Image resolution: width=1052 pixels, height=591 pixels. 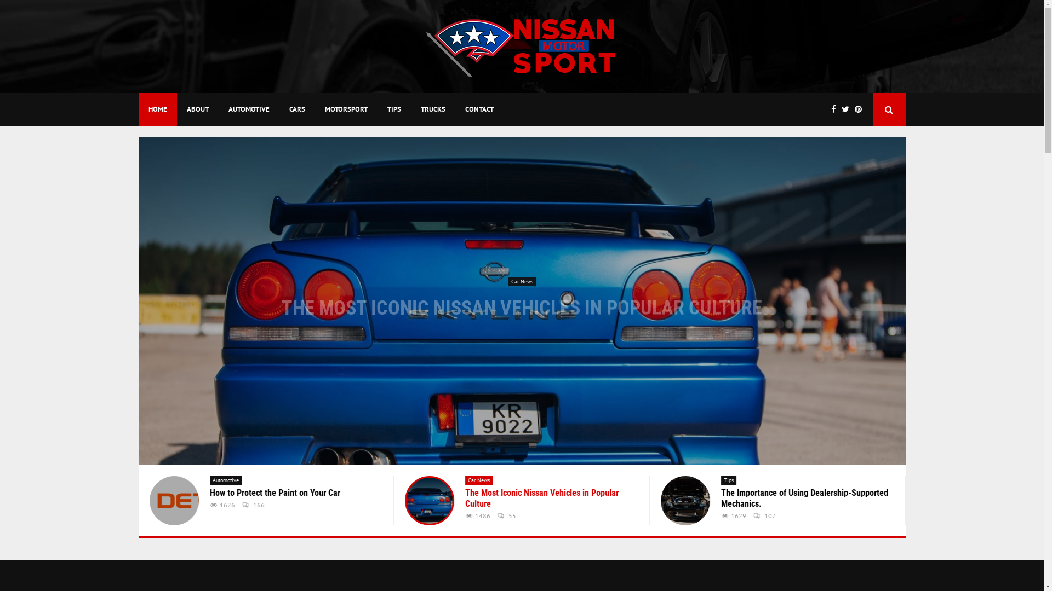 I want to click on 'CONTACT', so click(x=478, y=109).